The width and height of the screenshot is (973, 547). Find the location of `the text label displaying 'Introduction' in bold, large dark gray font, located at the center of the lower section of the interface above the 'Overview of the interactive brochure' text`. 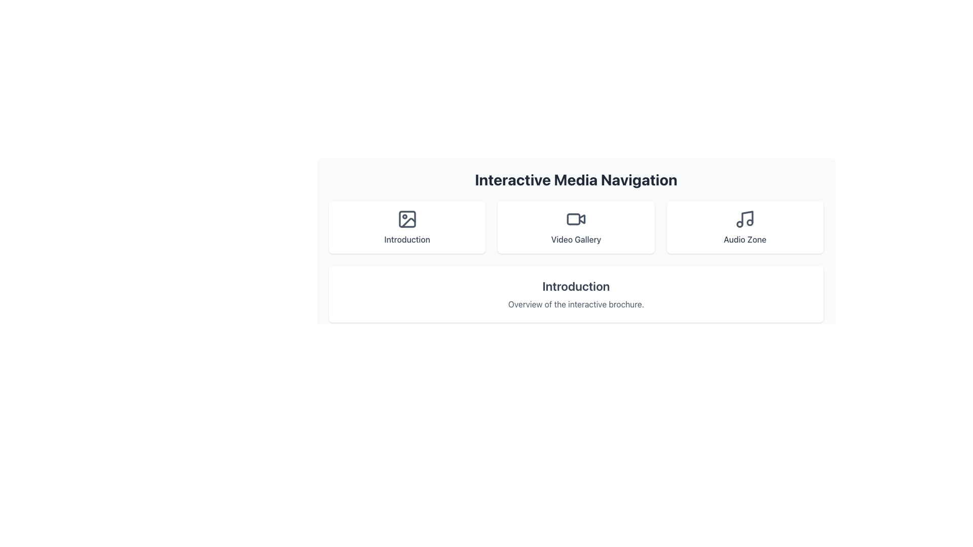

the text label displaying 'Introduction' in bold, large dark gray font, located at the center of the lower section of the interface above the 'Overview of the interactive brochure' text is located at coordinates (576, 286).